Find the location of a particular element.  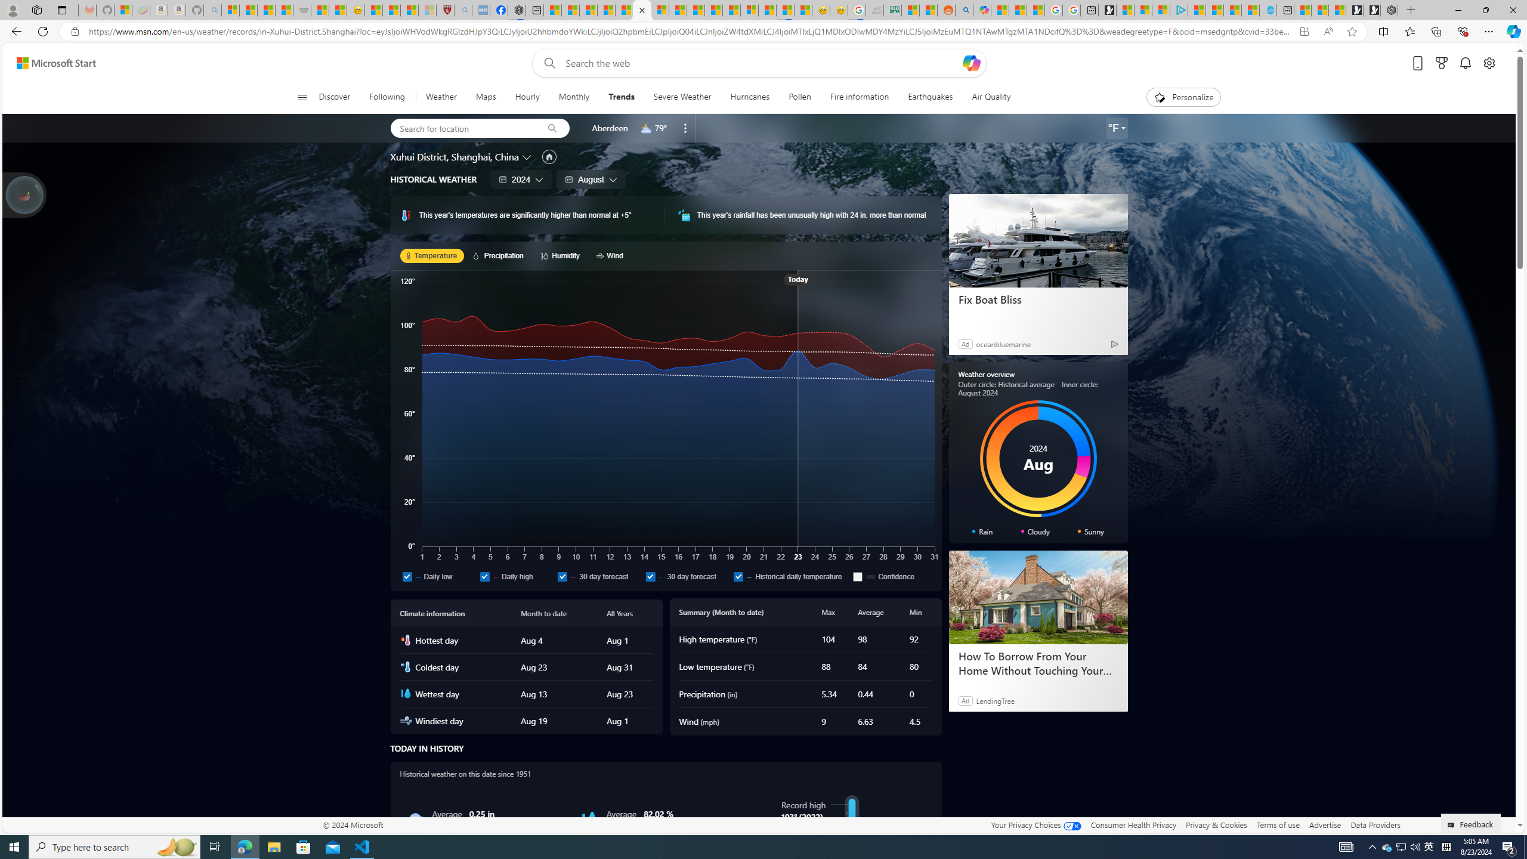

'Robert H. Shmerling, MD - Harvard Health' is located at coordinates (444, 10).